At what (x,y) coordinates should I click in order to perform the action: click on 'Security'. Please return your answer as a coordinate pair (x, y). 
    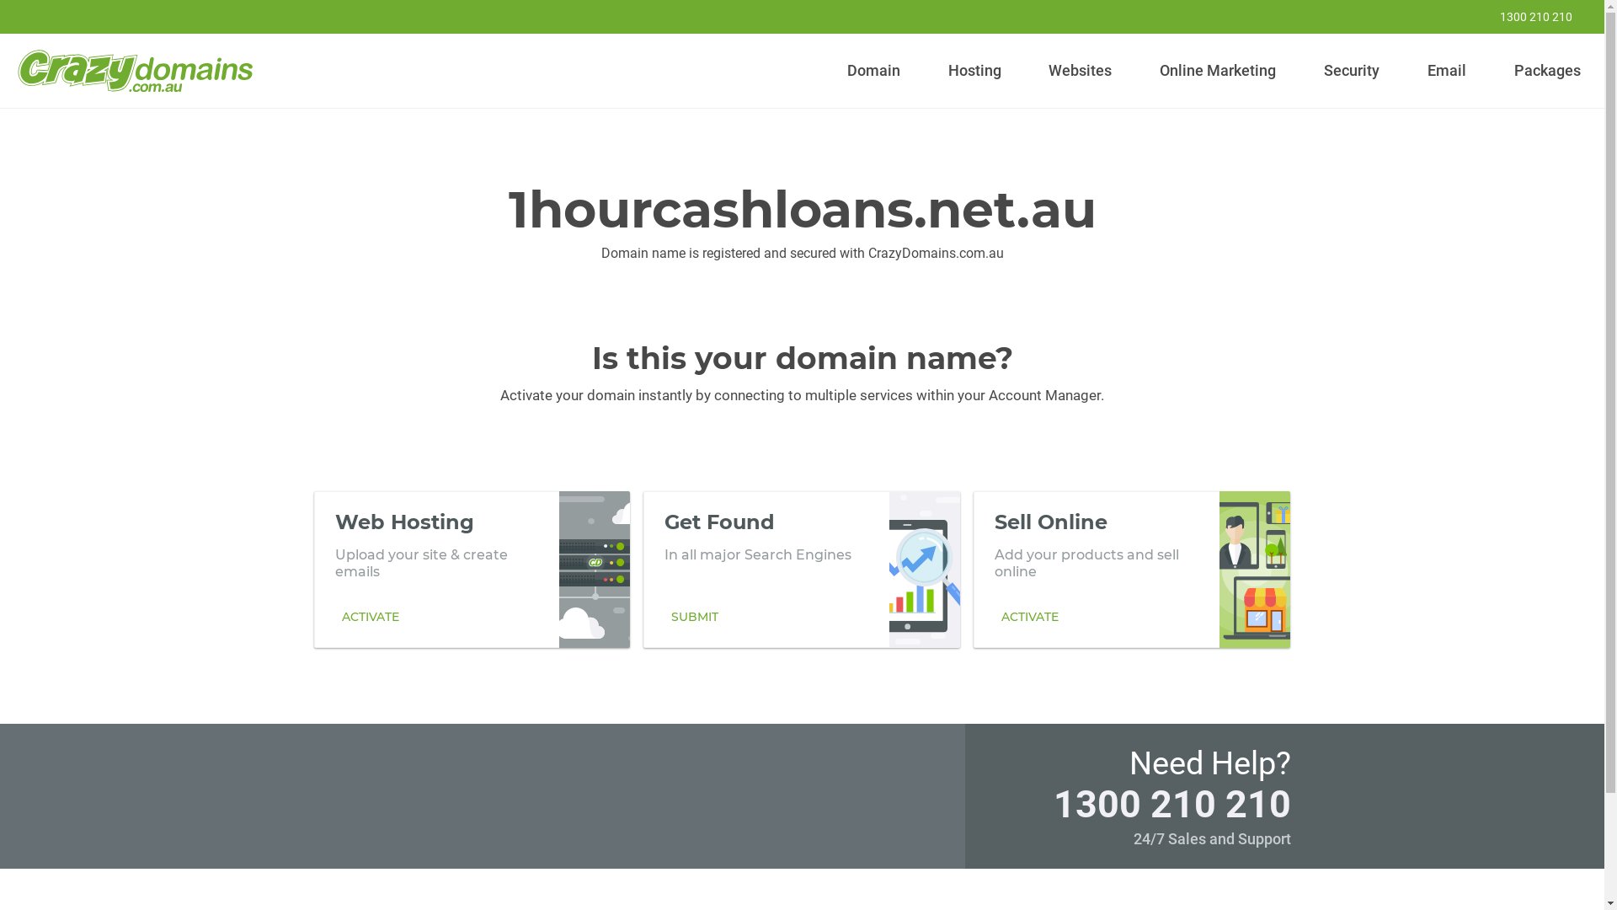
    Looking at the image, I should click on (1316, 70).